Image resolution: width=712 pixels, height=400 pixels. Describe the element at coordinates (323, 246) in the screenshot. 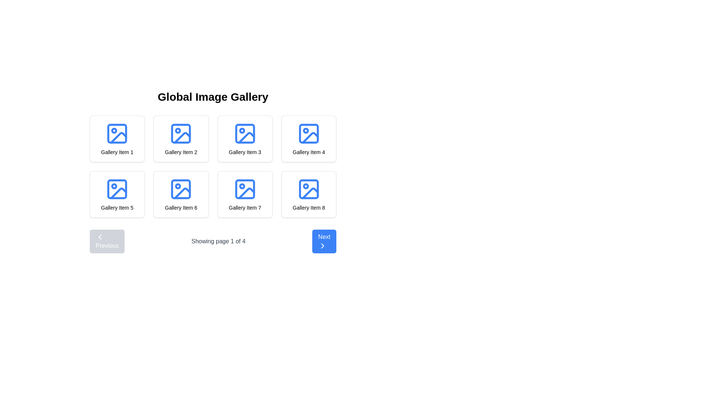

I see `the 'Next' button icon located at the bottom-right corner of the interface, which visually represents the action of proceeding to the next page or section` at that location.